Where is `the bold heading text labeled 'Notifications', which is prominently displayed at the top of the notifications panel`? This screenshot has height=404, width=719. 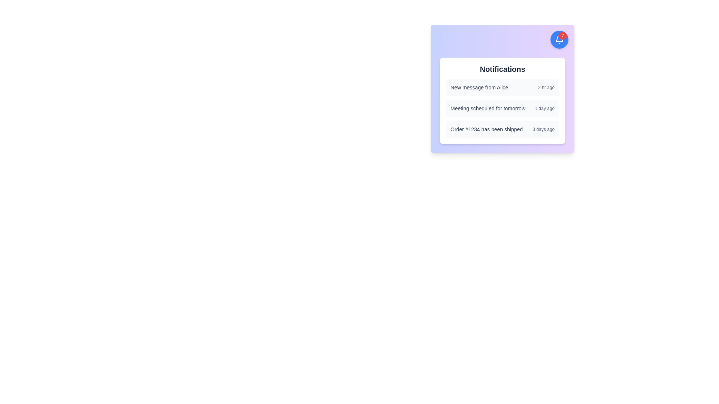
the bold heading text labeled 'Notifications', which is prominently displayed at the top of the notifications panel is located at coordinates (503, 69).